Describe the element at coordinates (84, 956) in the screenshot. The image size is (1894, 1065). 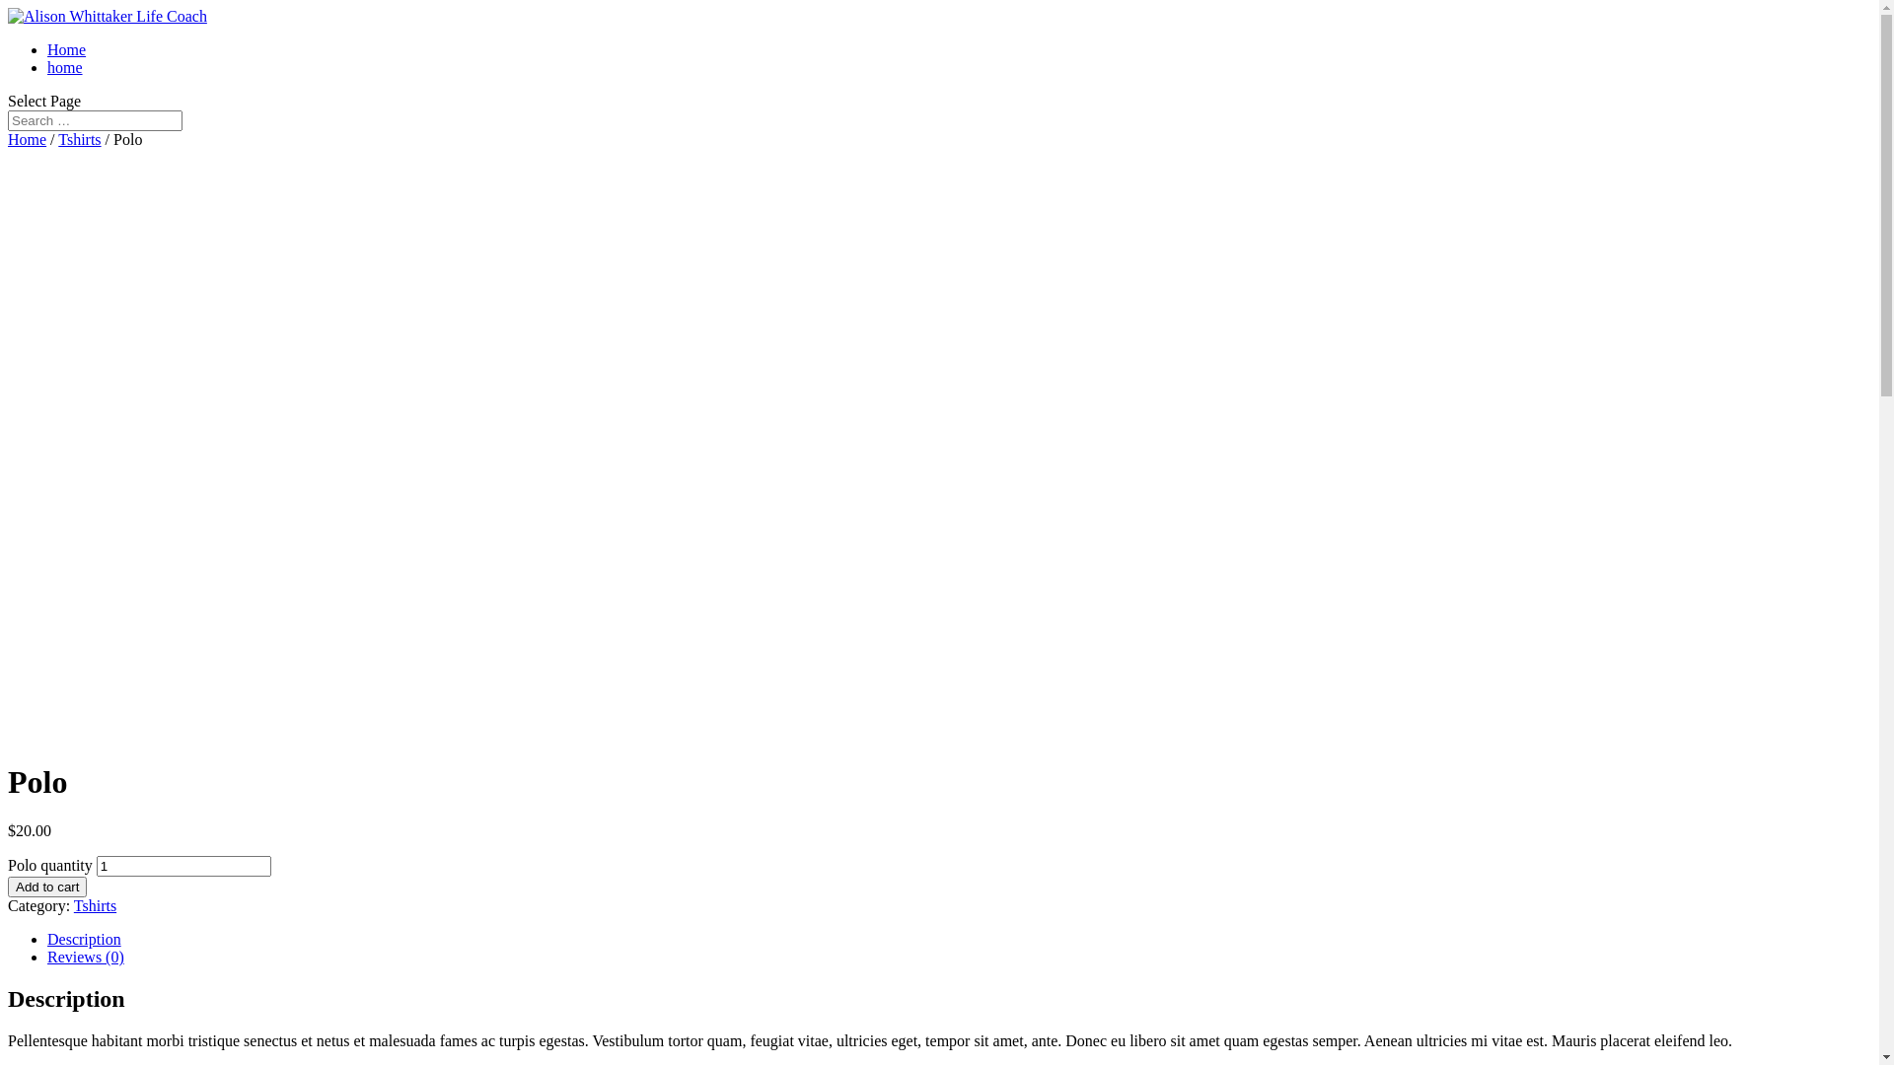
I see `'Reviews (0)'` at that location.